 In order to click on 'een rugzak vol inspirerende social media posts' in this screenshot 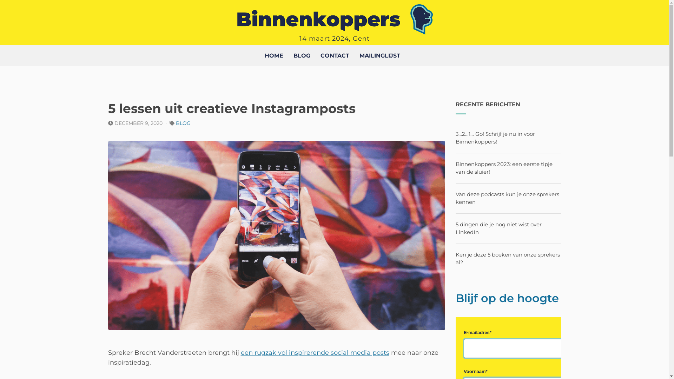, I will do `click(315, 353)`.